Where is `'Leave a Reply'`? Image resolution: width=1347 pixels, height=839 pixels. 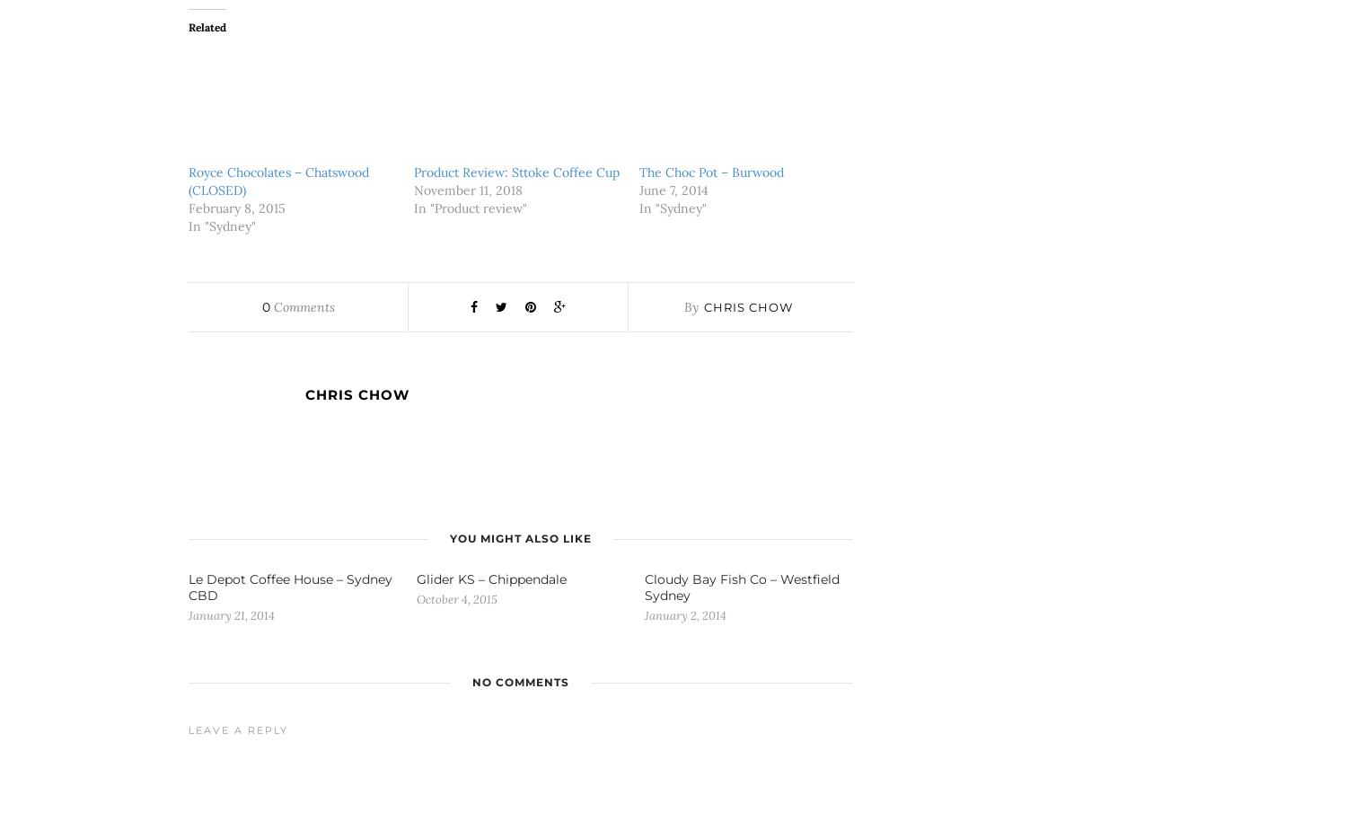 'Leave a Reply' is located at coordinates (238, 729).